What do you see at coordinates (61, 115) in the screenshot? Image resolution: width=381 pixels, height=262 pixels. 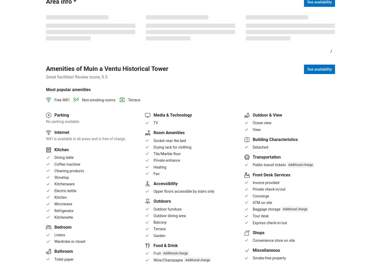 I see `'Parking'` at bounding box center [61, 115].